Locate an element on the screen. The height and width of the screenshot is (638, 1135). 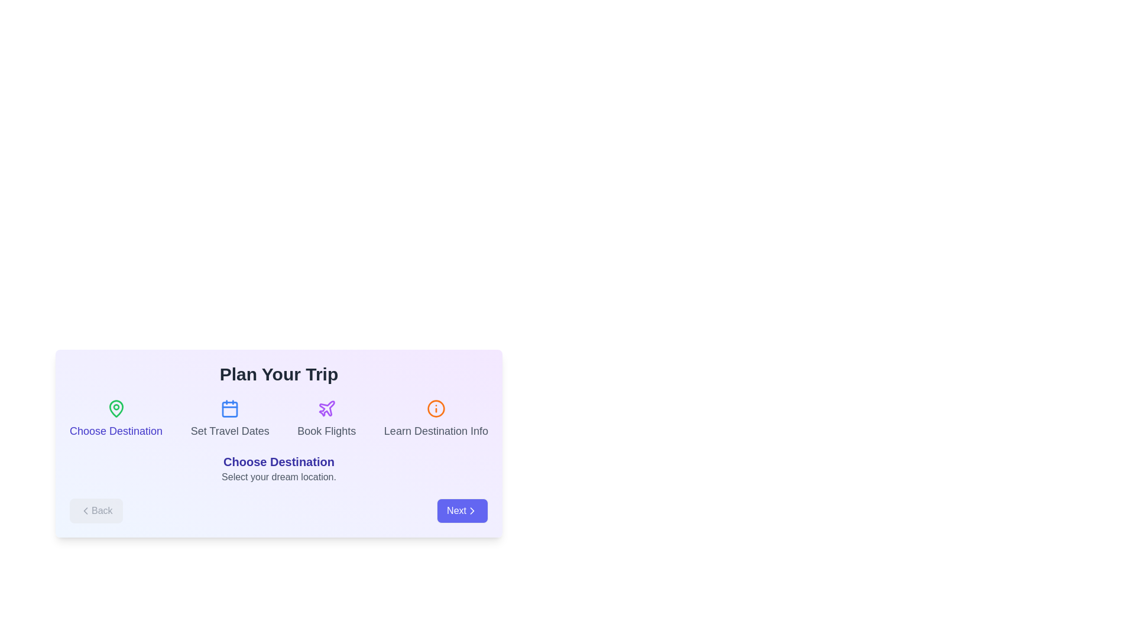
the progression icon within the 'Next' button located in the bottom-right area of the 'Plan Your Trip' panel is located at coordinates (471, 510).